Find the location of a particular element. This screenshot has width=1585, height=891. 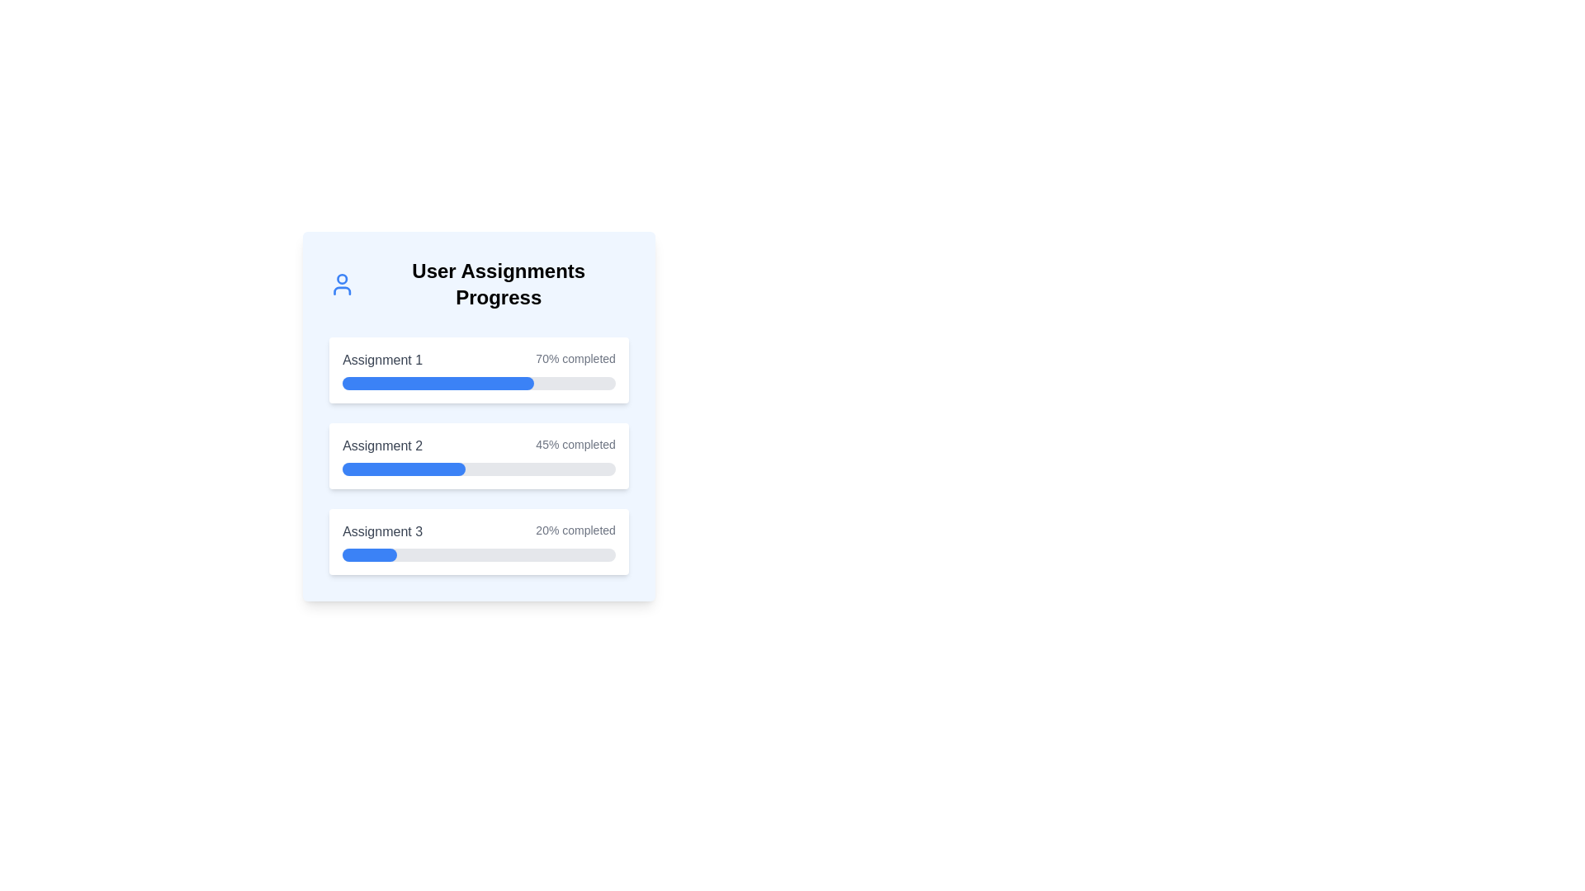

the user profile icon located to the left of the 'User Assignments Progress' header is located at coordinates (341, 283).